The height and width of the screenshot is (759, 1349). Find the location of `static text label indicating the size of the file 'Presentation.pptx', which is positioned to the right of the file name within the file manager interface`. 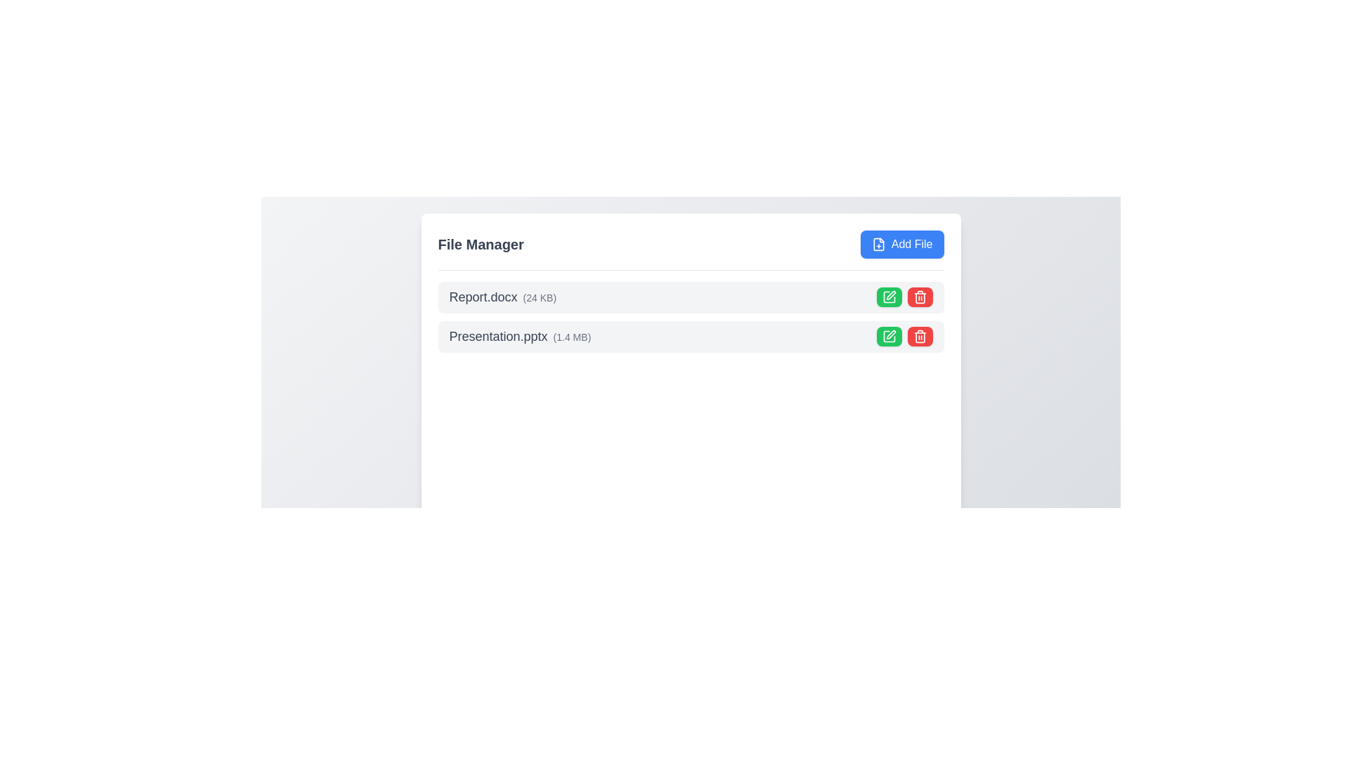

static text label indicating the size of the file 'Presentation.pptx', which is positioned to the right of the file name within the file manager interface is located at coordinates (572, 337).